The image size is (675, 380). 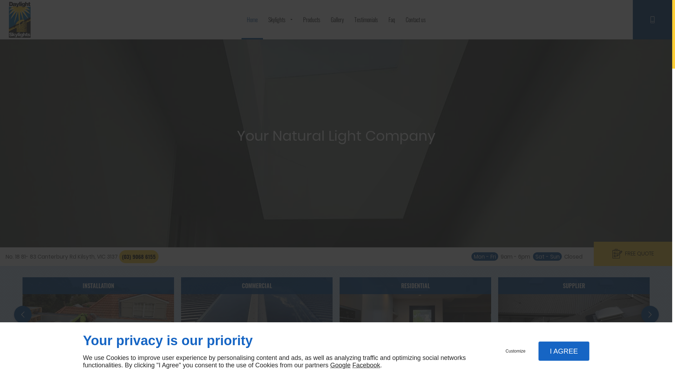 What do you see at coordinates (330, 365) in the screenshot?
I see `'Google'` at bounding box center [330, 365].